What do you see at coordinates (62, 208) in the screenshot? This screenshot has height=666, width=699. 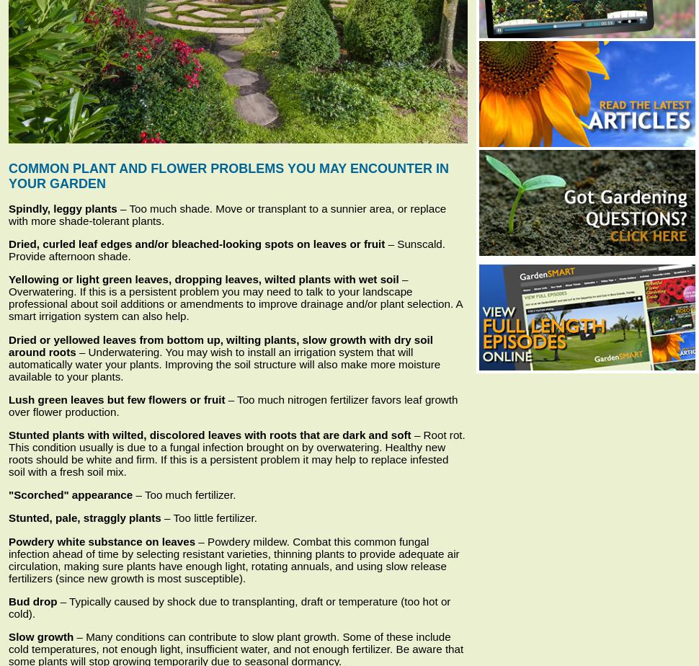 I see `'Spindly, leggy plants'` at bounding box center [62, 208].